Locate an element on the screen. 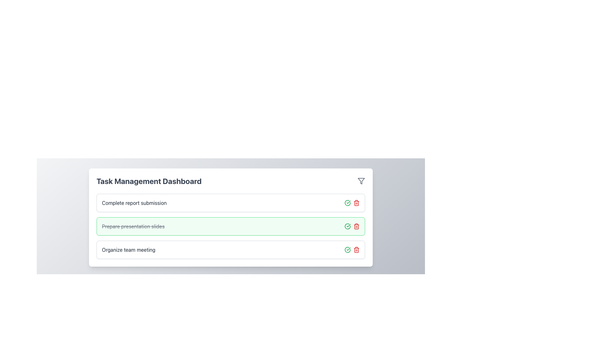 The width and height of the screenshot is (608, 342). the green circular checkmark icon located is located at coordinates (347, 250).